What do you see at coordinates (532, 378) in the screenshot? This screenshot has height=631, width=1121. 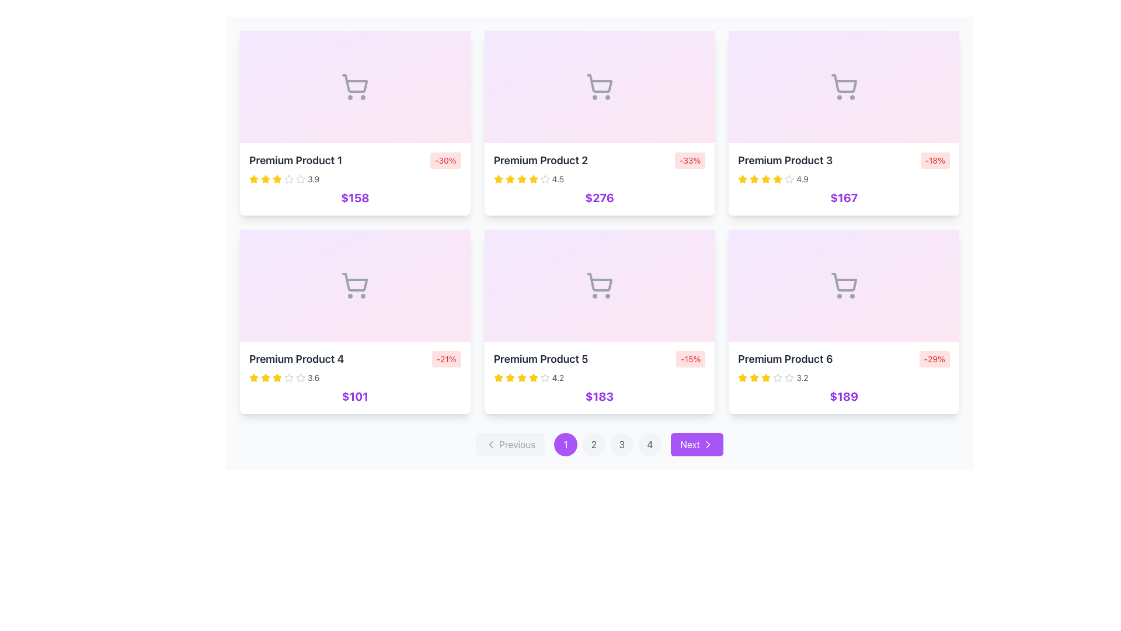 I see `the fifth star icon in the rating system under 'Premium Product 5' to indicate the highest rating visually` at bounding box center [532, 378].